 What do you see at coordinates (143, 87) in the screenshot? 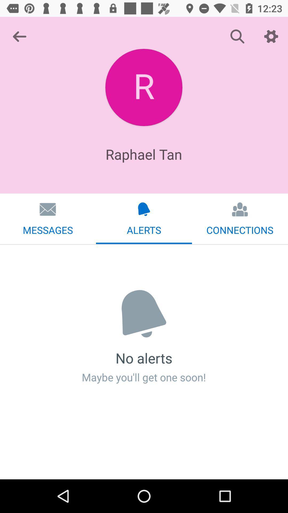
I see `the text in the in pink circle` at bounding box center [143, 87].